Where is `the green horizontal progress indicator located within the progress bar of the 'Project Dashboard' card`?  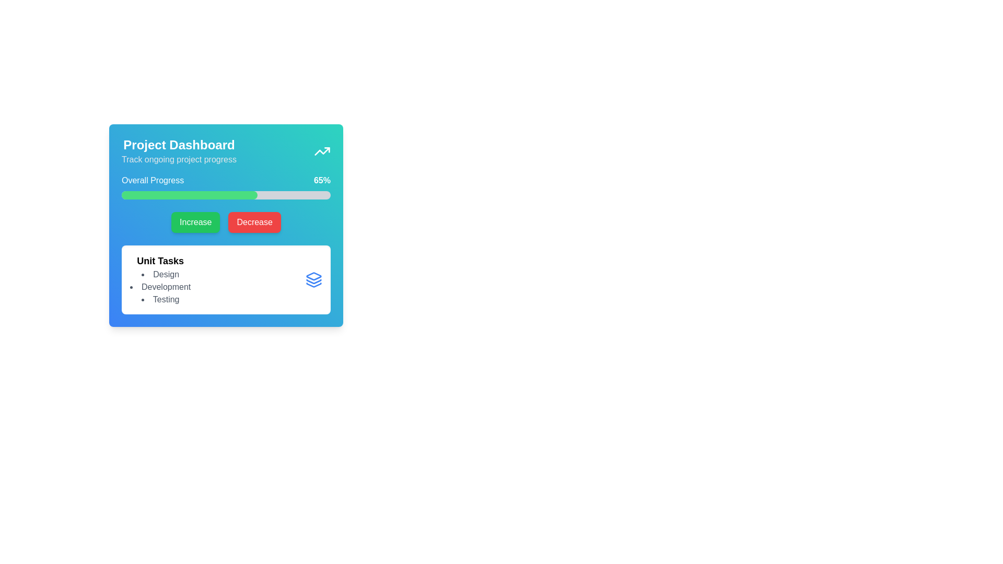 the green horizontal progress indicator located within the progress bar of the 'Project Dashboard' card is located at coordinates (190, 195).